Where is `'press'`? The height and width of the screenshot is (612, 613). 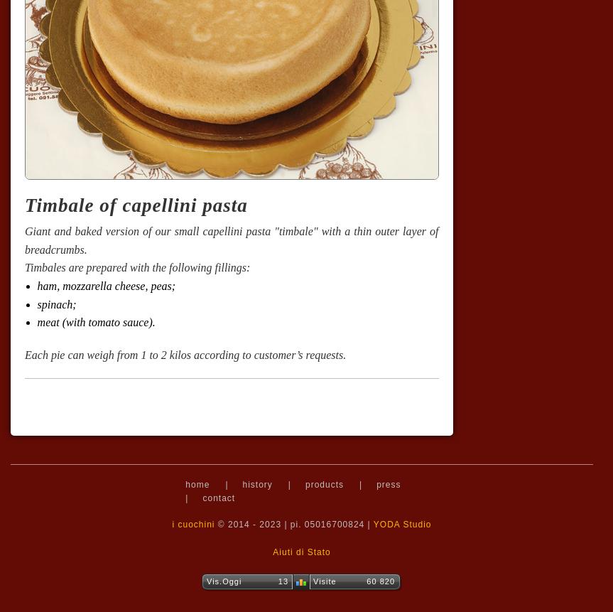
'press' is located at coordinates (388, 483).